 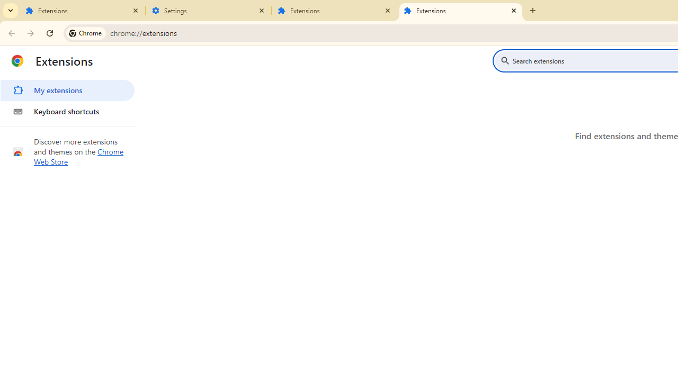 I want to click on 'AutomationID: sectionMenu', so click(x=67, y=99).